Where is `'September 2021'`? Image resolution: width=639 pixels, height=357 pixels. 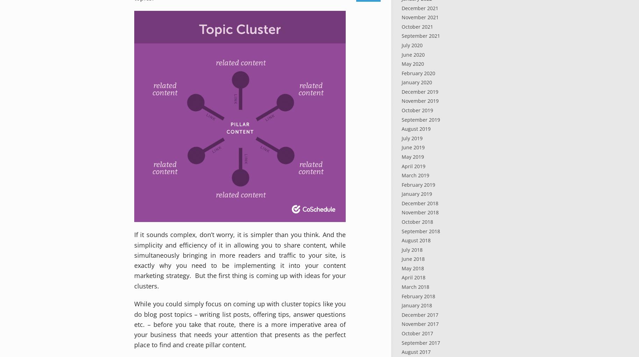
'September 2021' is located at coordinates (401, 35).